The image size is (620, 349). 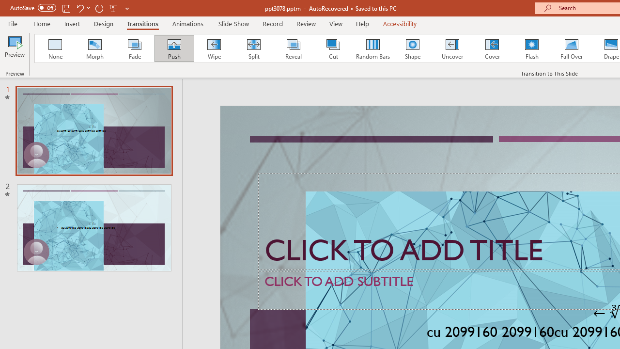 What do you see at coordinates (54, 48) in the screenshot?
I see `'None'` at bounding box center [54, 48].